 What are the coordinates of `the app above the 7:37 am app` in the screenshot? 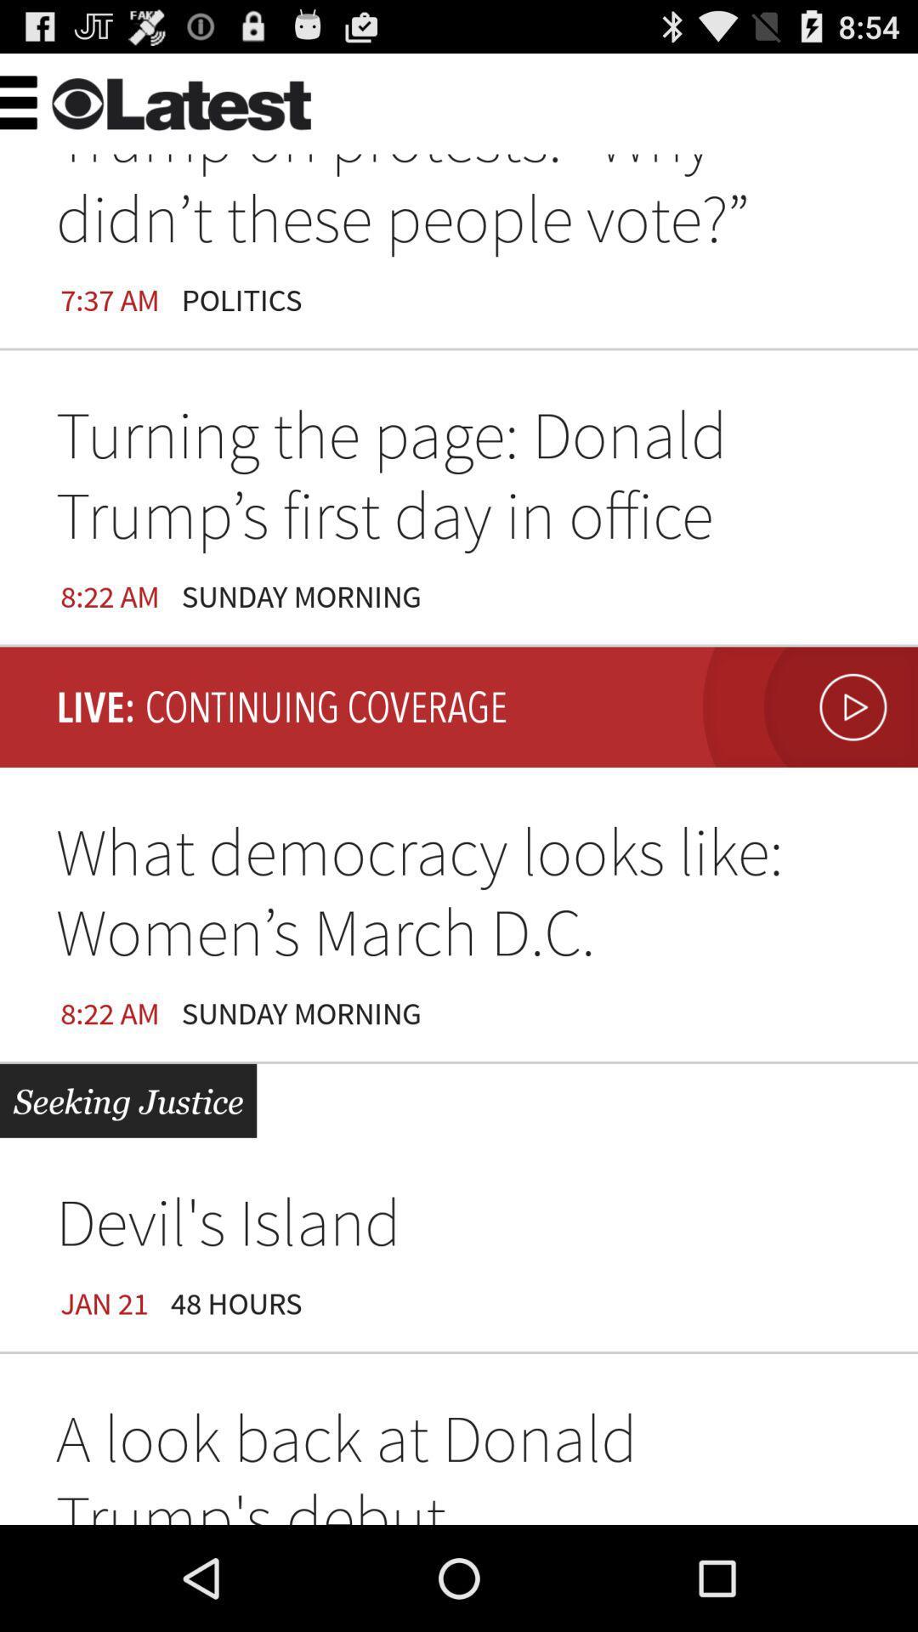 It's located at (323, 97).